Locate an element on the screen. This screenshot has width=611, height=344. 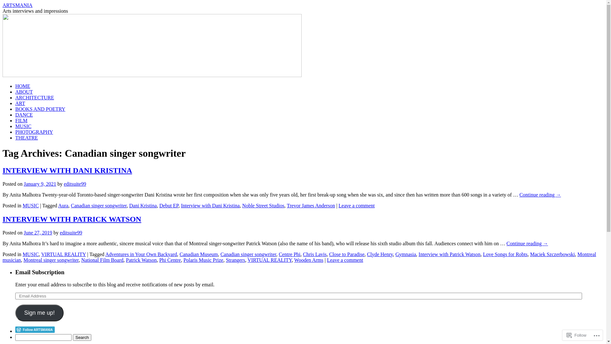
'ARCHITECTURE' is located at coordinates (15, 97).